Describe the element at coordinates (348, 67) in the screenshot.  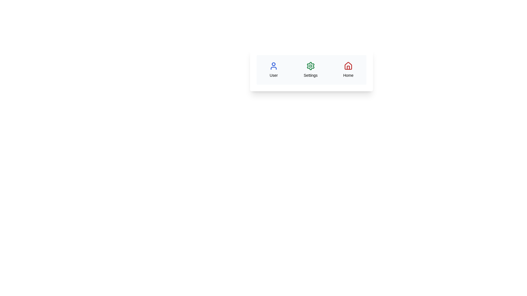
I see `the door element of the house icon` at that location.